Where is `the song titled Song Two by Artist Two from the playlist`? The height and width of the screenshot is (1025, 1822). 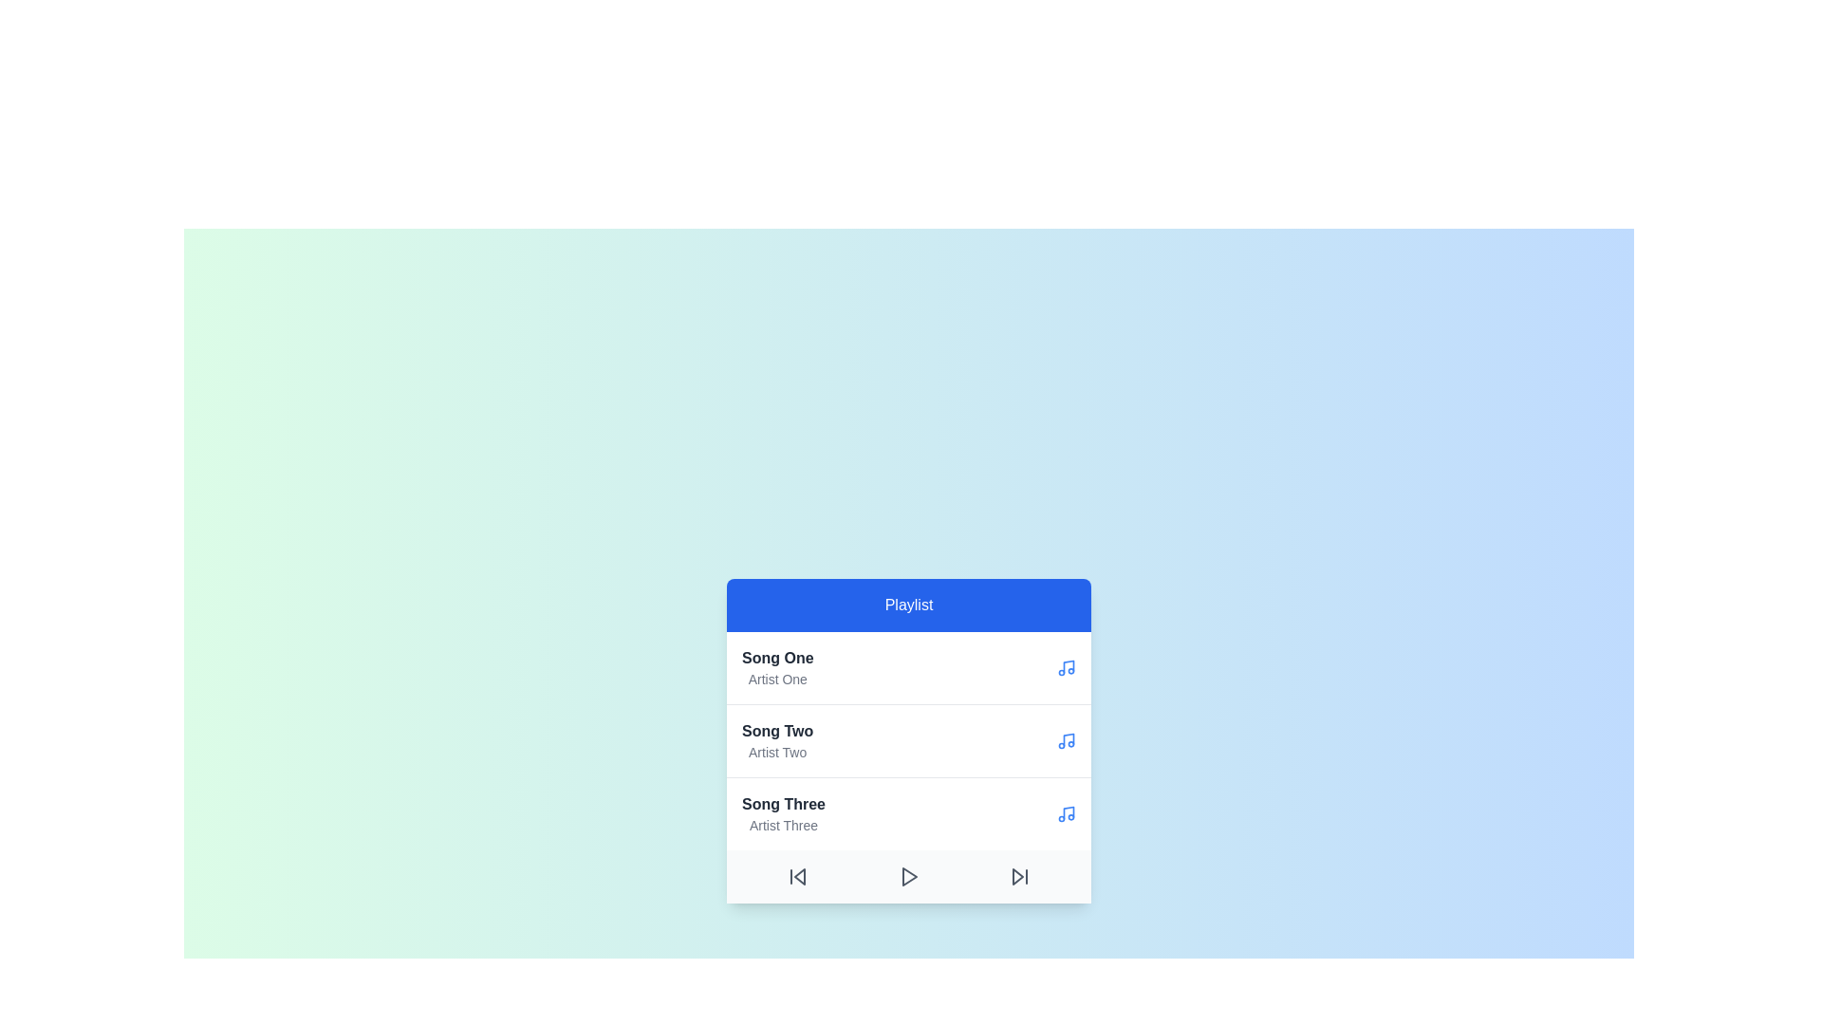 the song titled Song Two by Artist Two from the playlist is located at coordinates (777, 739).